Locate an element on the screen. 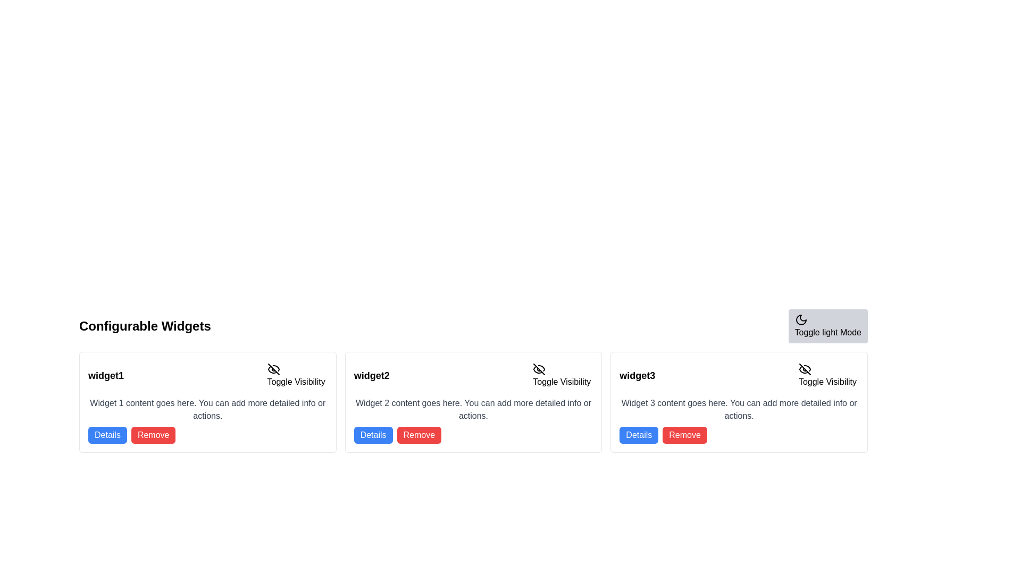  the button located in the actions section of the second widget (widget2) is located at coordinates (373, 435).